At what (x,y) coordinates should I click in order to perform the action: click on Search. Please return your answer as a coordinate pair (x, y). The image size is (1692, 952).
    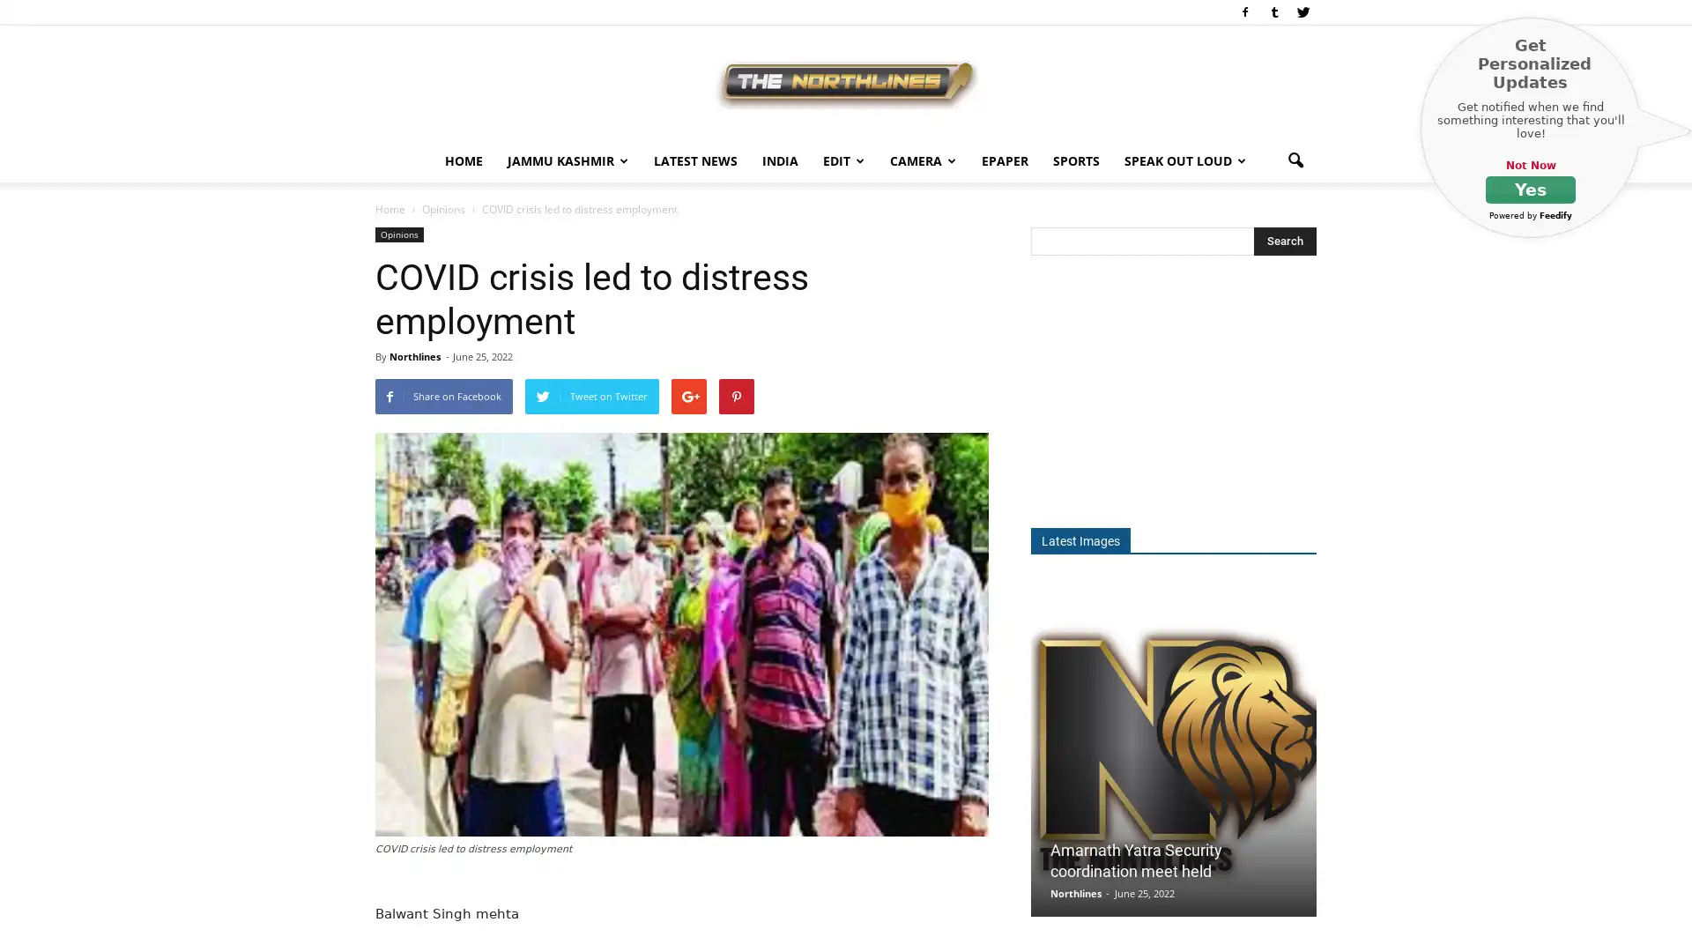
    Looking at the image, I should click on (1285, 241).